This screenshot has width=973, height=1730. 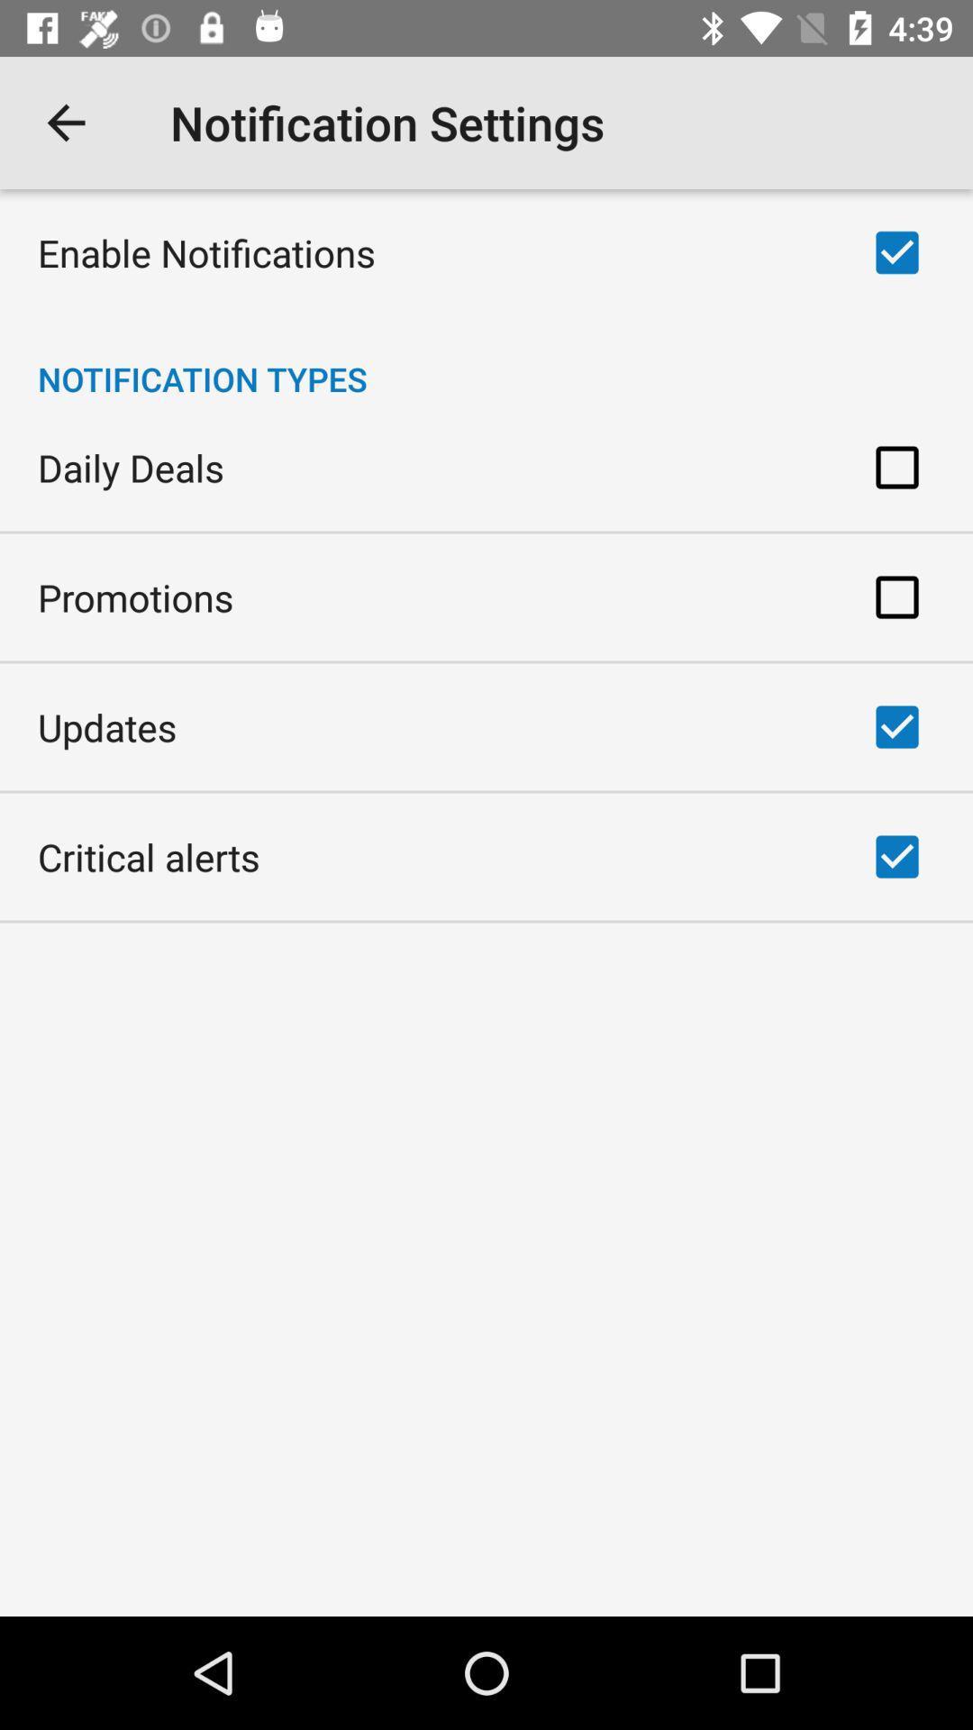 What do you see at coordinates (896, 252) in the screenshot?
I see `the enable notifications check box` at bounding box center [896, 252].